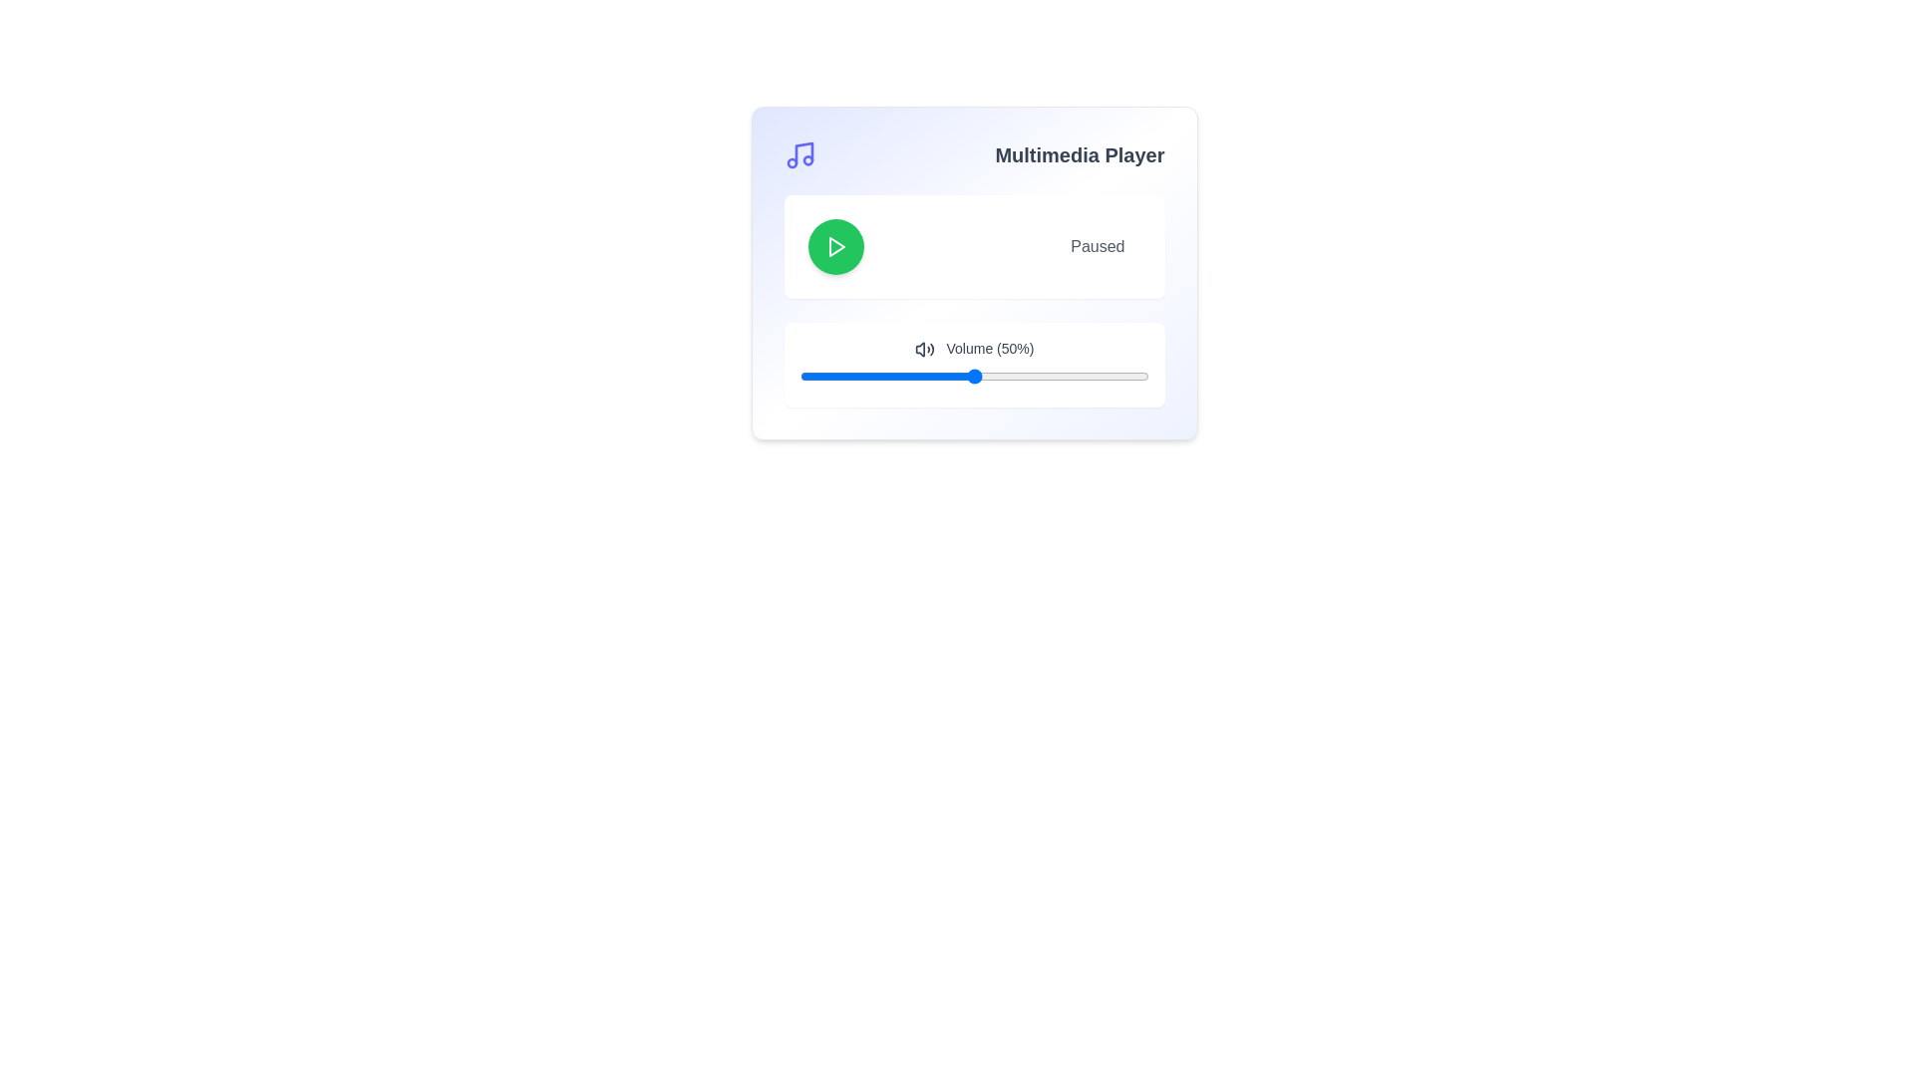  I want to click on volume, so click(1030, 377).